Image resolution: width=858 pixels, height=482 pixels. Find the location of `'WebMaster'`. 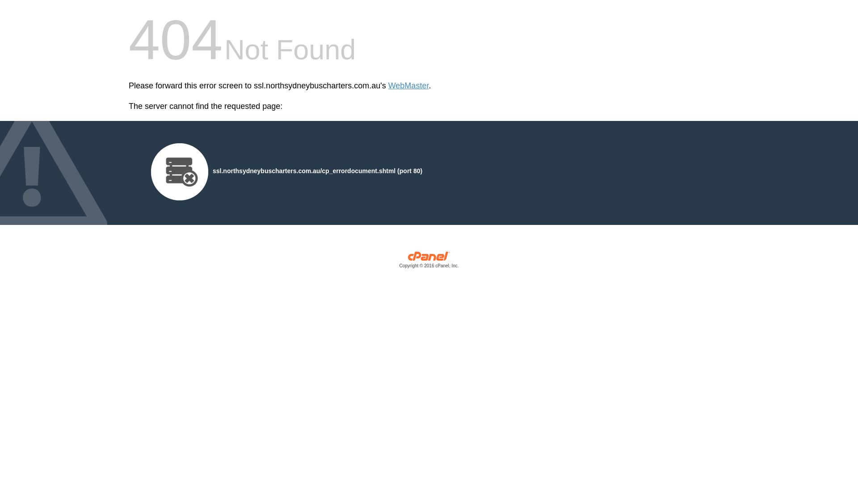

'WebMaster' is located at coordinates (408, 86).